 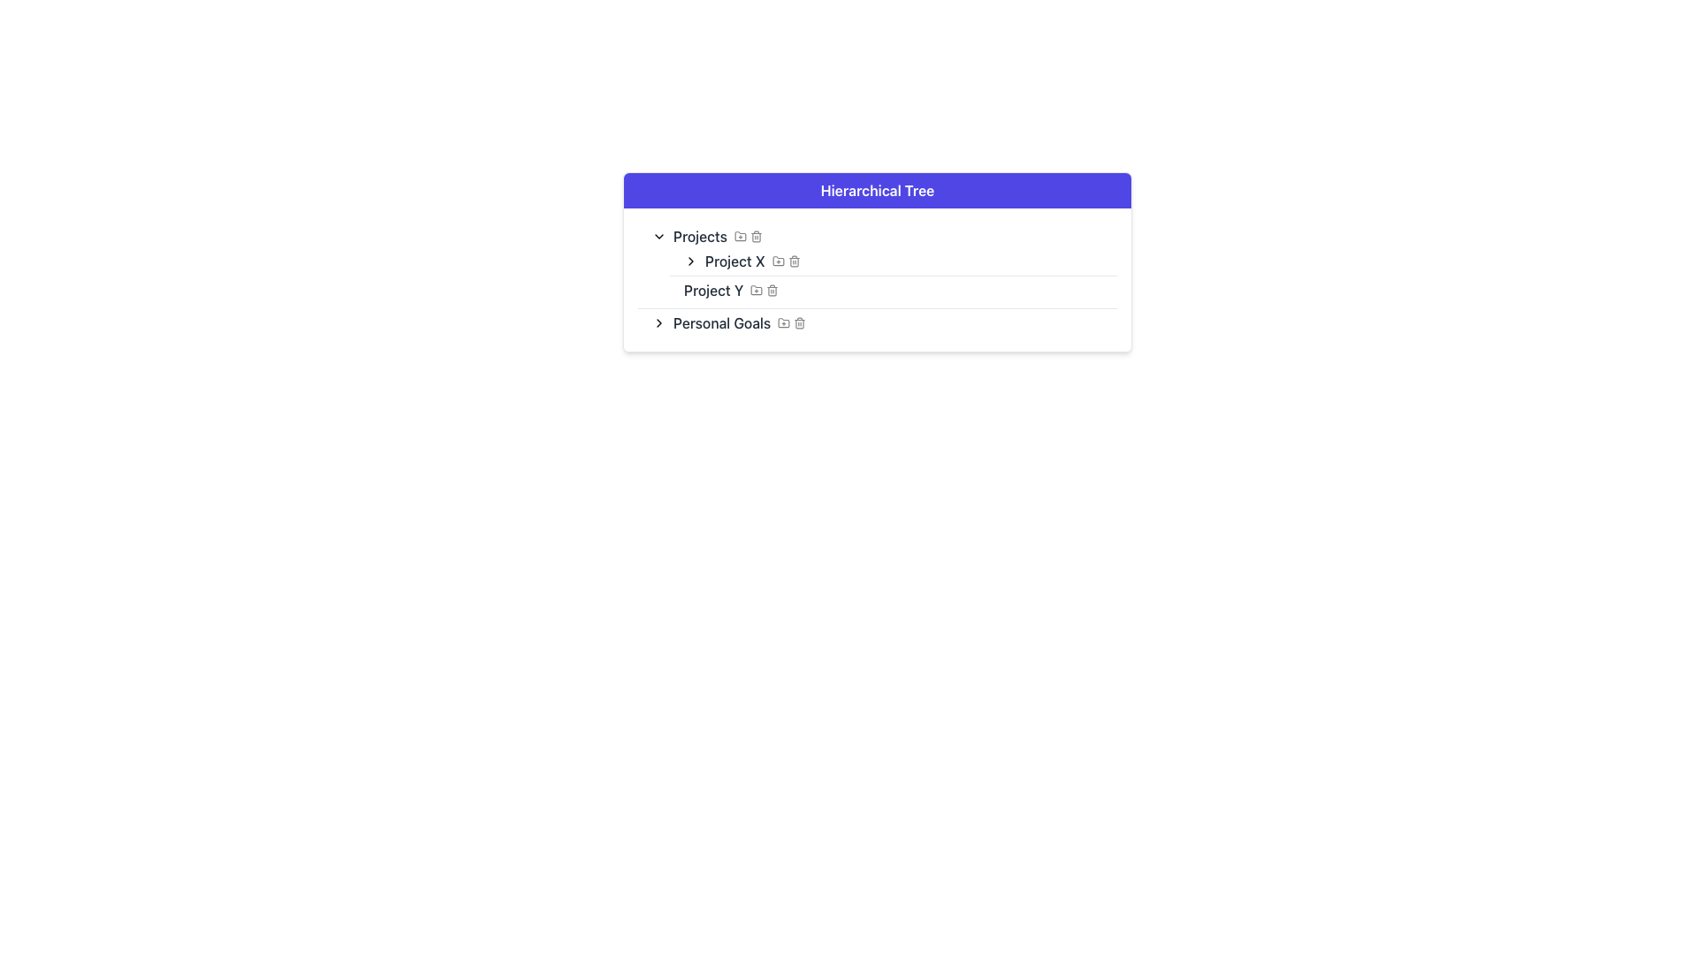 What do you see at coordinates (740, 235) in the screenshot?
I see `the folder icon with a plus sign` at bounding box center [740, 235].